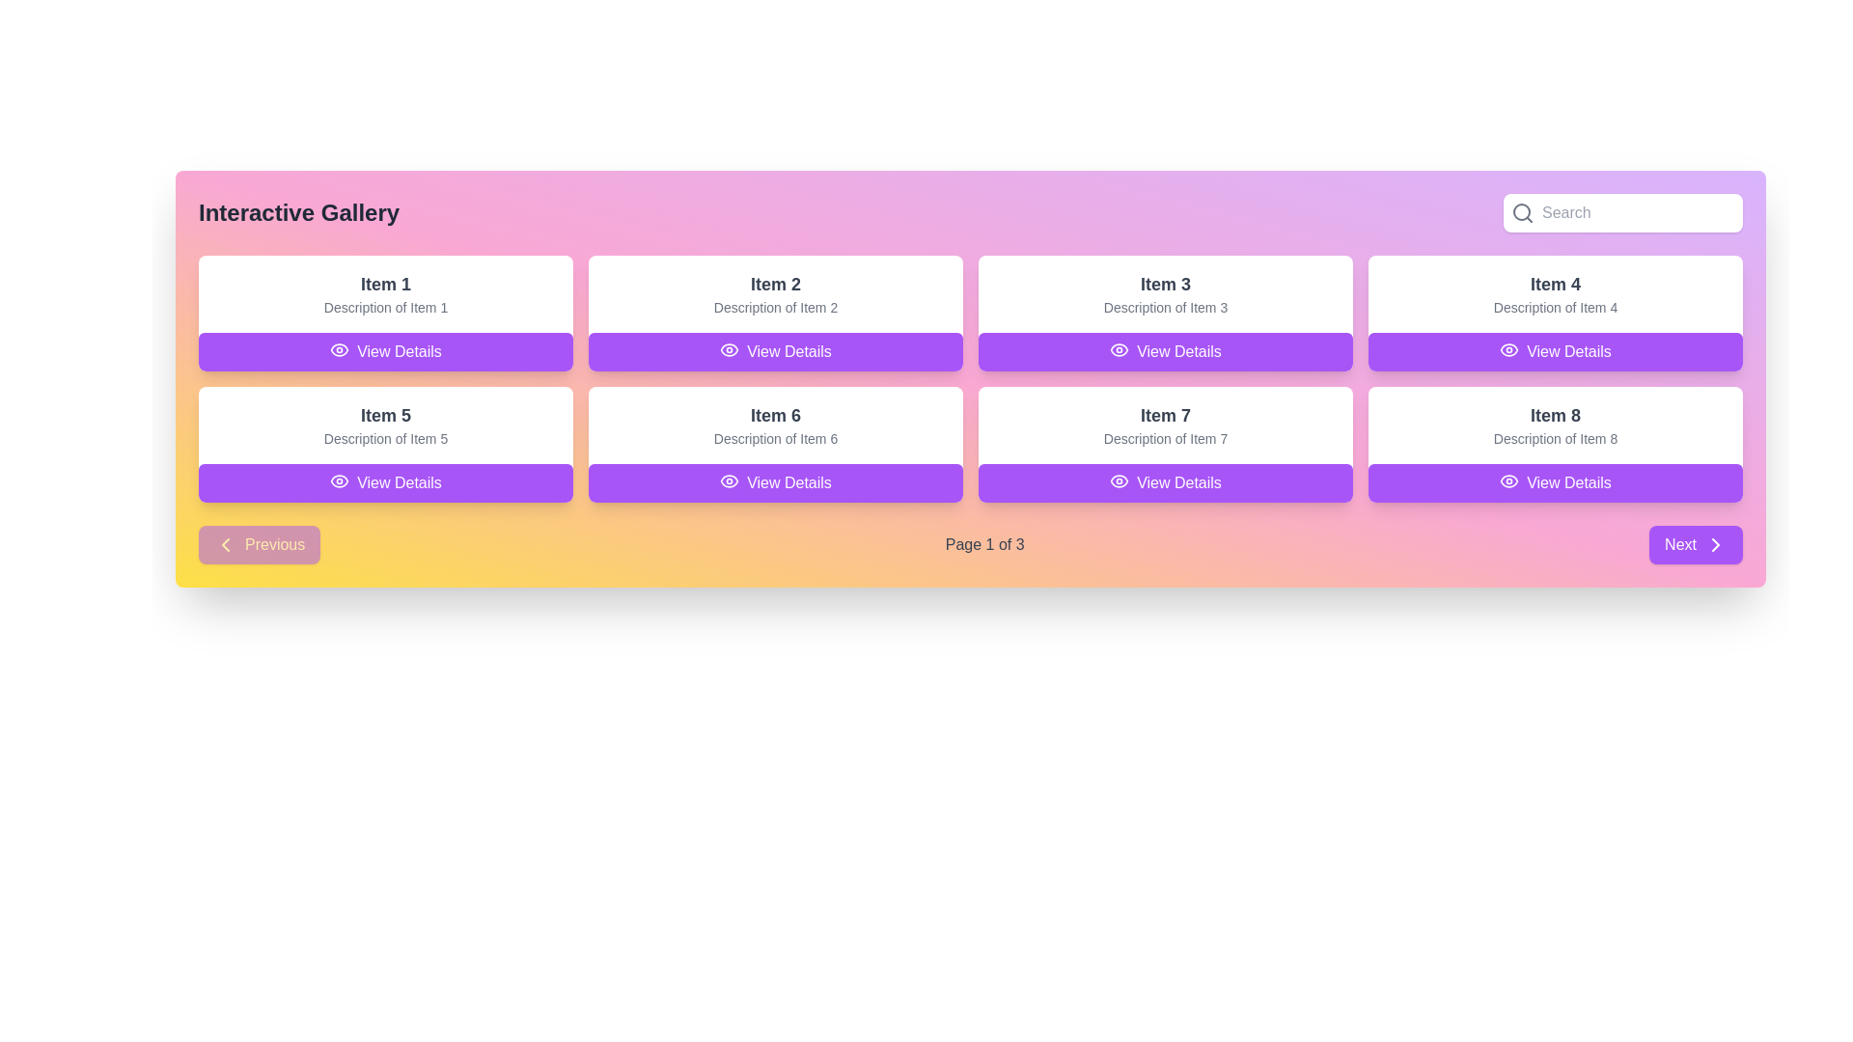  What do you see at coordinates (1521, 211) in the screenshot?
I see `the Circle component of the search icon SVG, which represents the circular outline of the magnifying glass located in the top-right corner of the interface` at bounding box center [1521, 211].